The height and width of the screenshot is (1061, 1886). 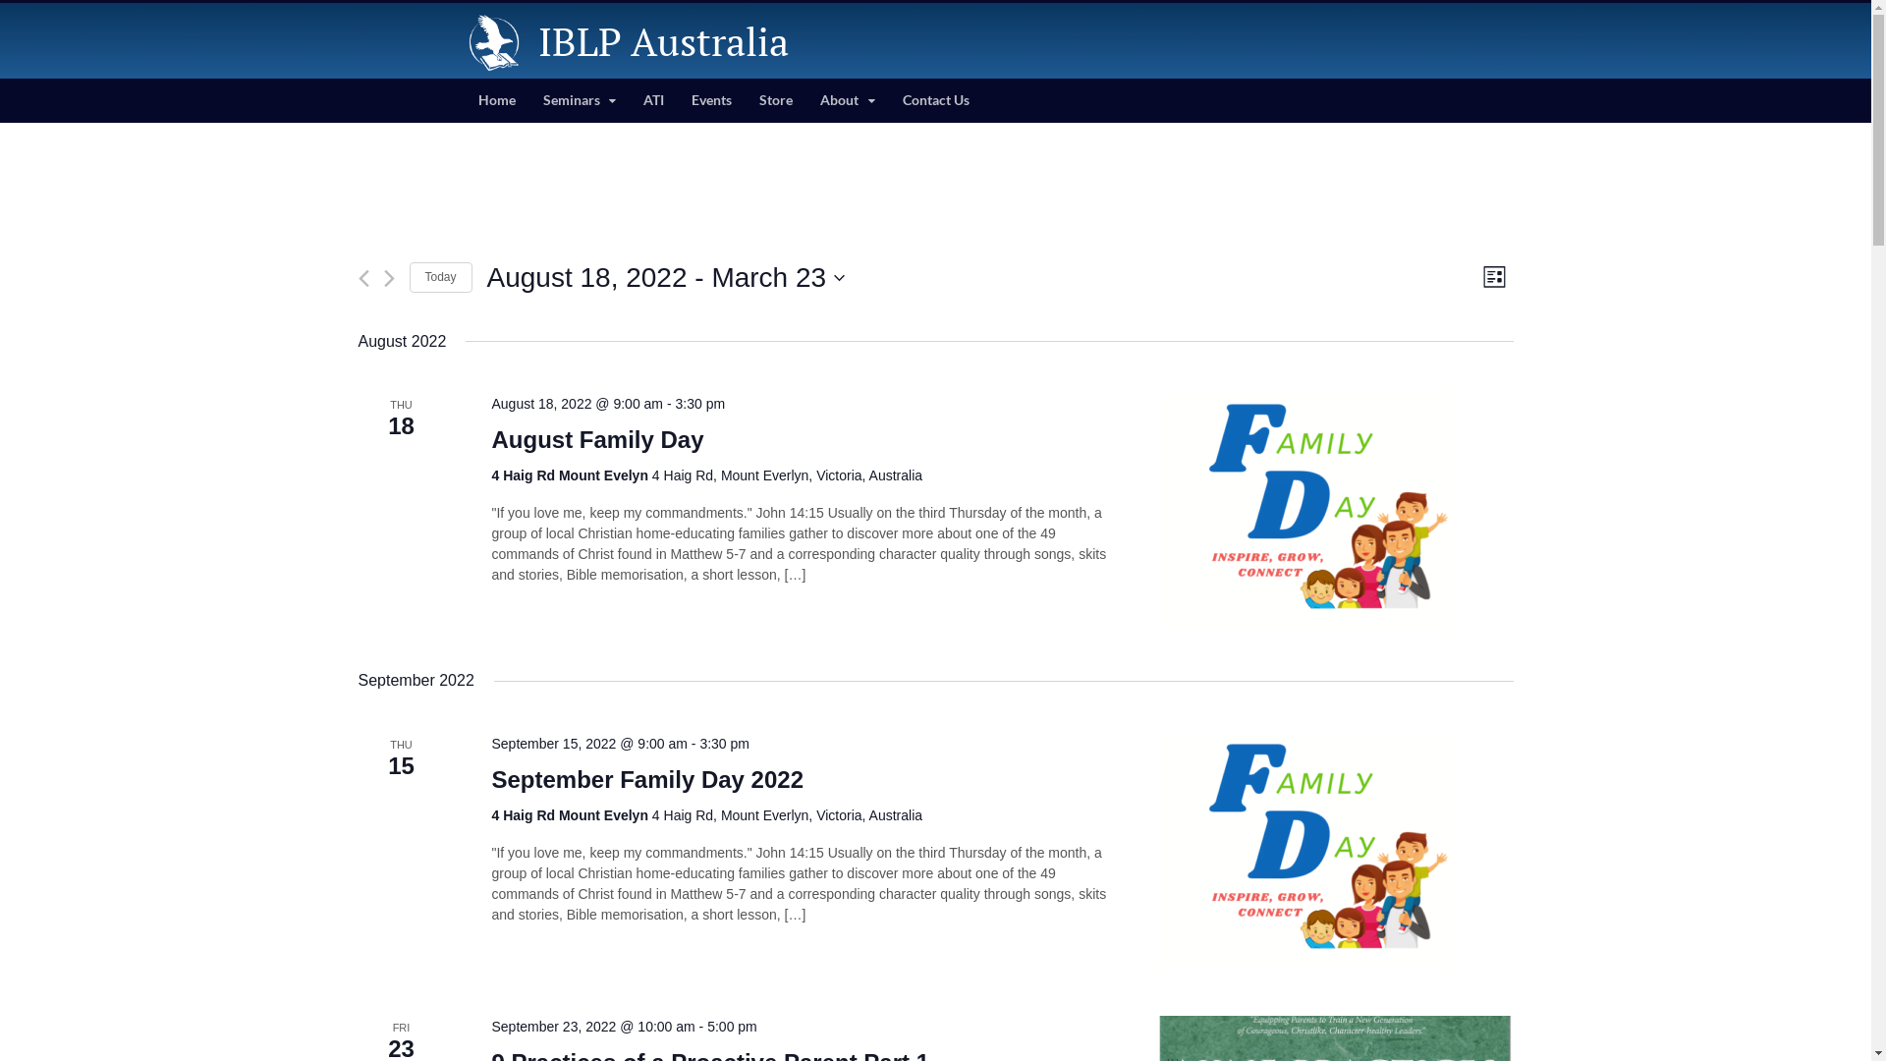 What do you see at coordinates (596, 438) in the screenshot?
I see `'August Family Day'` at bounding box center [596, 438].